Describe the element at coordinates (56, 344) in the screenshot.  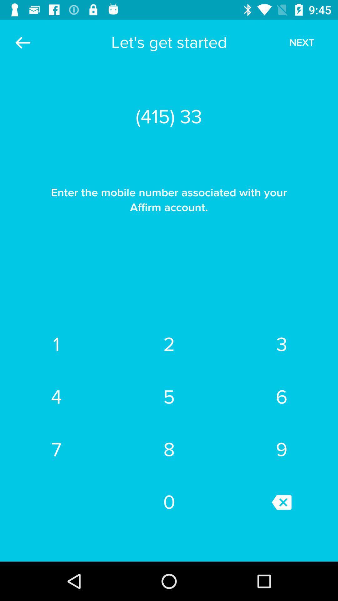
I see `the item below the enter the mobile` at that location.